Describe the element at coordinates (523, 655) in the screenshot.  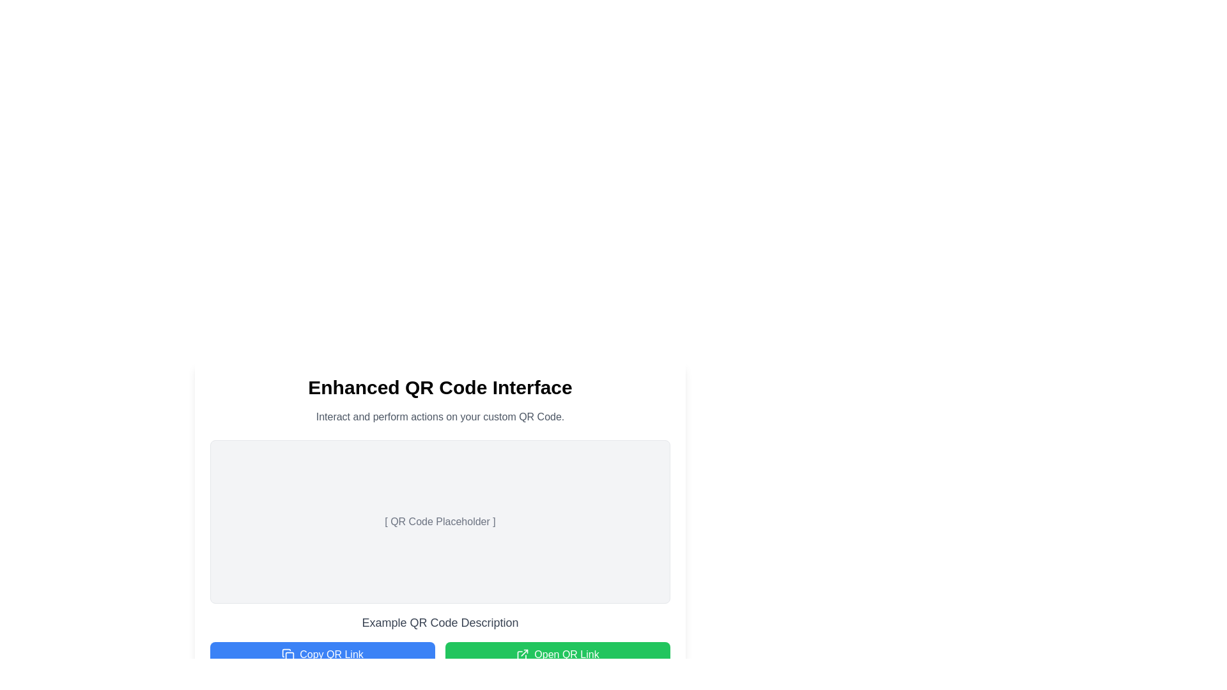
I see `the external link icon associated with the 'Open QR Link' button` at that location.